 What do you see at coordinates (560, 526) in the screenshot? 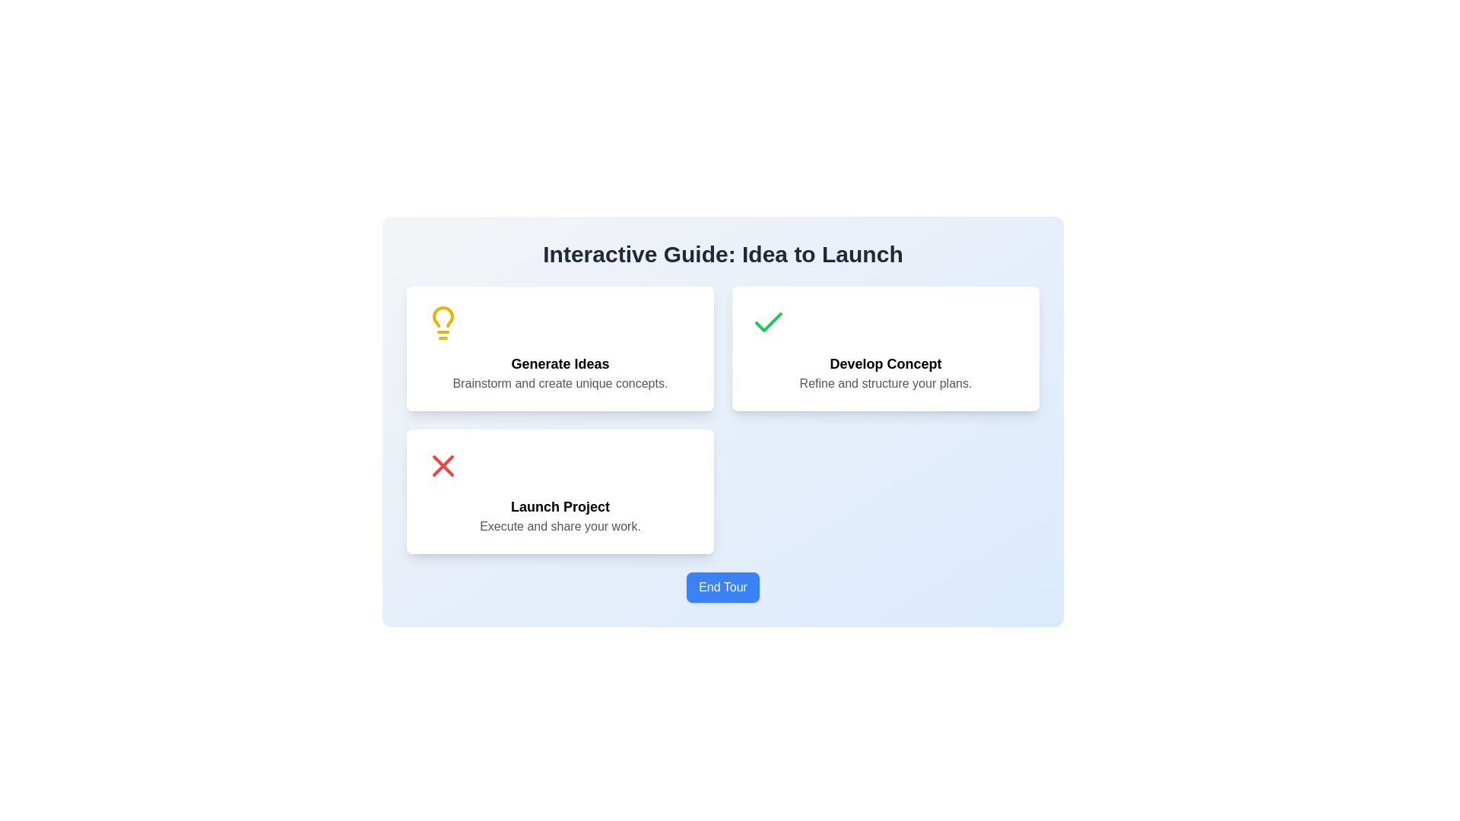
I see `the descriptive text label located within the 'Launch Project' card layout, which provides additional context for the feature` at bounding box center [560, 526].